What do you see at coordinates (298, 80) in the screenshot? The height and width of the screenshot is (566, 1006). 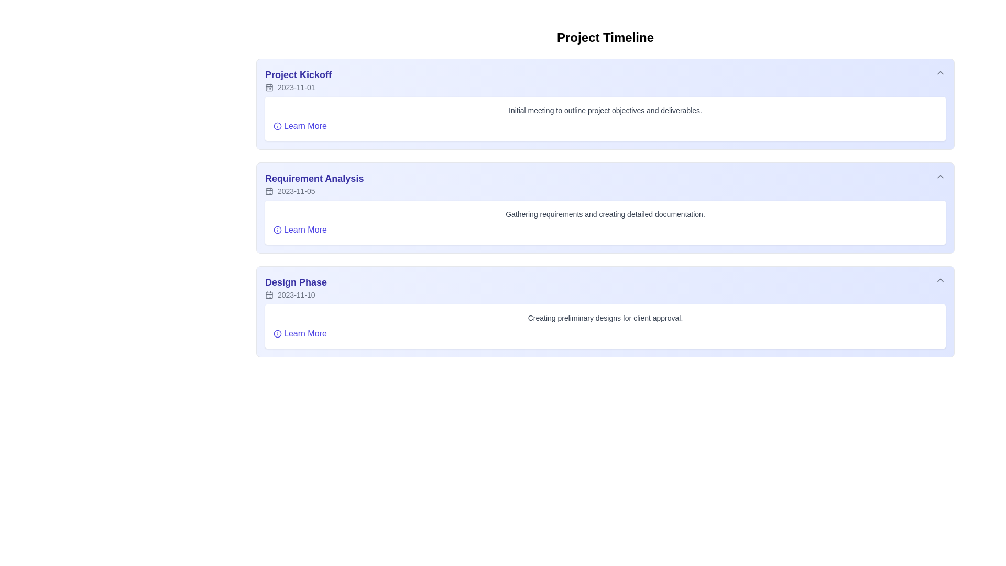 I see `information contained in the label indicating the title and date of the significant event 'Project Kickoff' scheduled on 2023-11-01, located in the topmost block of the section` at bounding box center [298, 80].